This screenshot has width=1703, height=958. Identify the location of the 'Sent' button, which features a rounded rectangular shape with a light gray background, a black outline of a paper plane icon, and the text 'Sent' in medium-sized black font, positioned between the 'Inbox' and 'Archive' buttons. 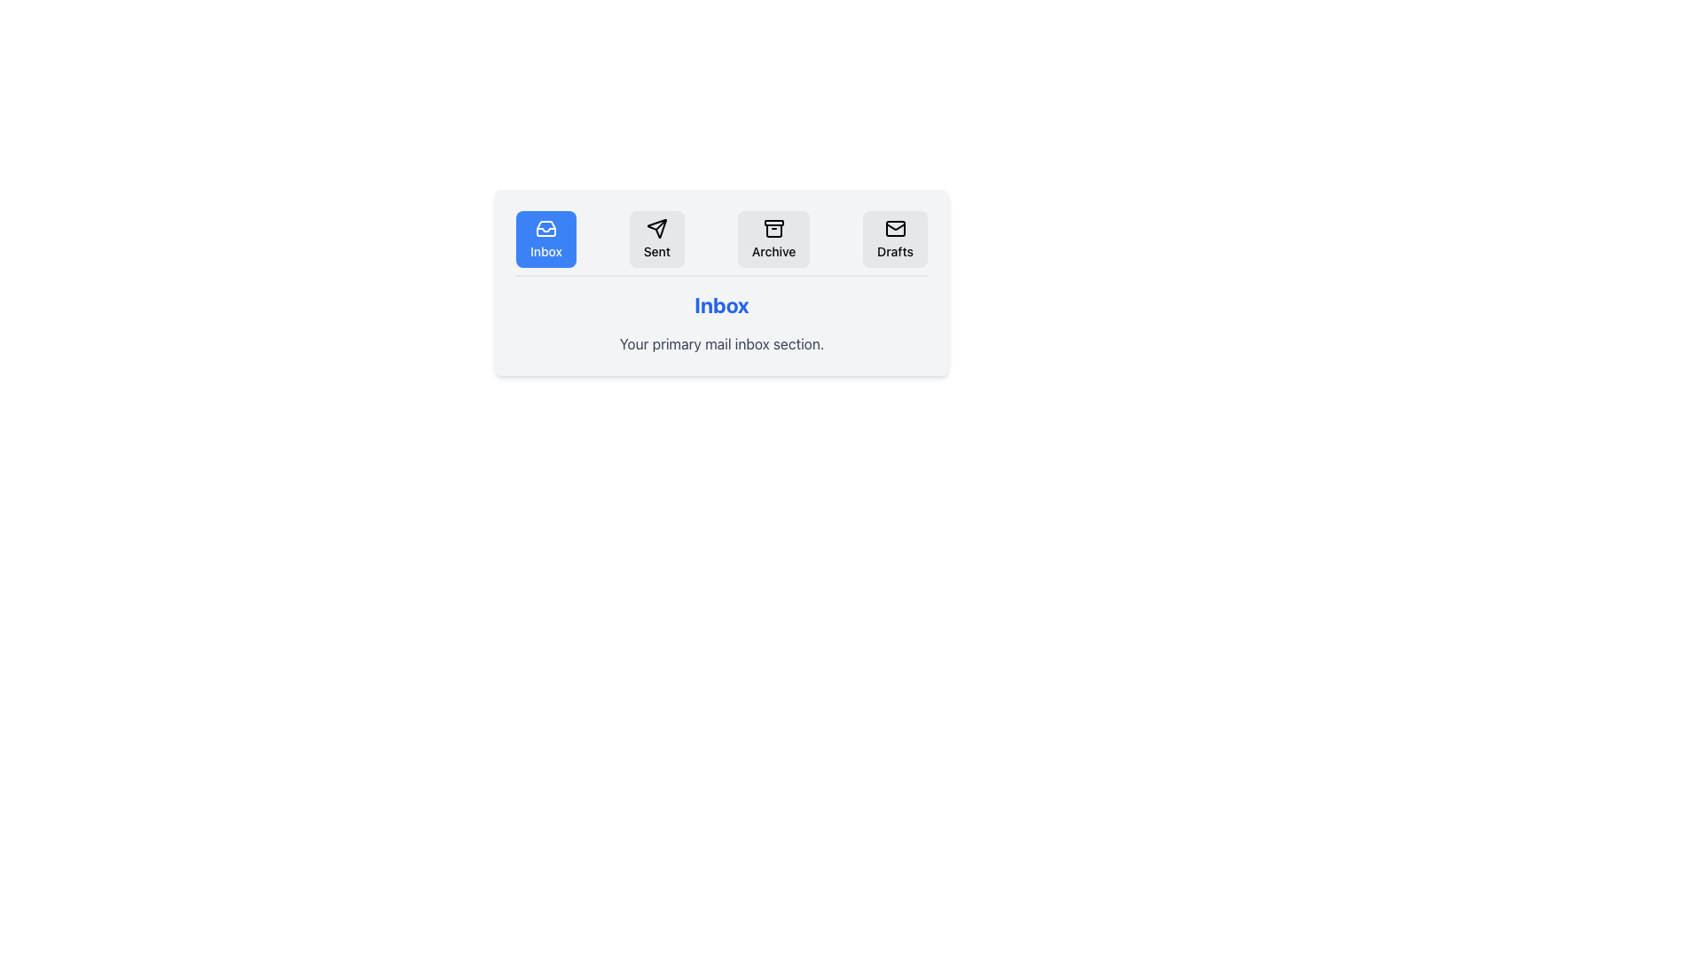
(655, 239).